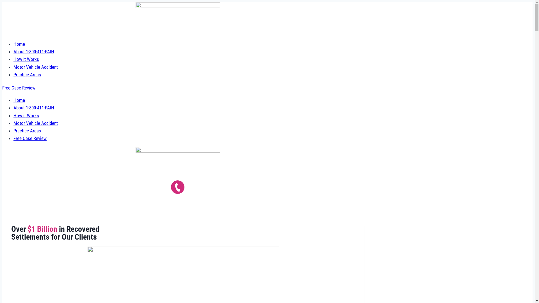 The height and width of the screenshot is (303, 539). Describe the element at coordinates (19, 44) in the screenshot. I see `'Home'` at that location.